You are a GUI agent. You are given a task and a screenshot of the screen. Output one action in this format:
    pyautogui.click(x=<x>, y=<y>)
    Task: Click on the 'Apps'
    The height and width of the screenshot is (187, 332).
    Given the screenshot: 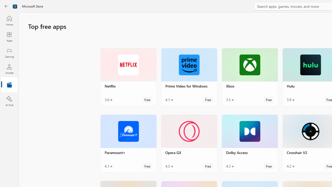 What is the action you would take?
    pyautogui.click(x=9, y=36)
    